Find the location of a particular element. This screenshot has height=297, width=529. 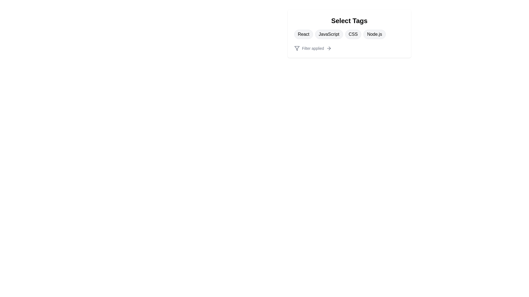

the right-pointing arrow icon, which is an outlined graphic with a stroke width of 2 units, located at the far-right end of the 'Filter applied' section is located at coordinates (329, 48).